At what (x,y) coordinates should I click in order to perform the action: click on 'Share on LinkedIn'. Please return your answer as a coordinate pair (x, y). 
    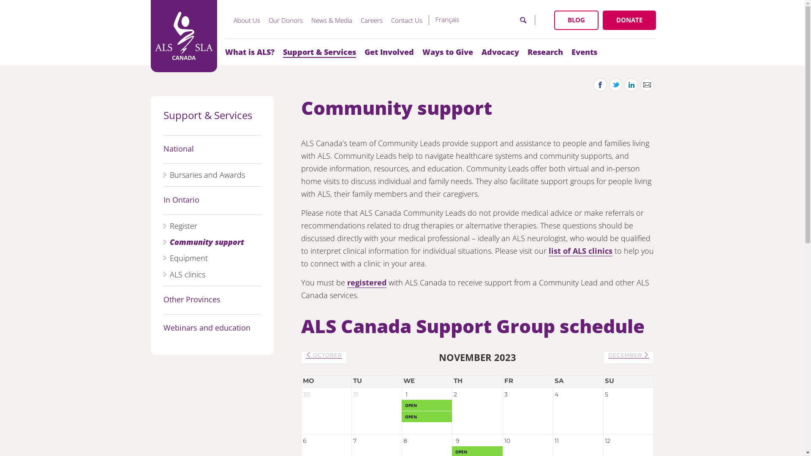
    Looking at the image, I should click on (631, 84).